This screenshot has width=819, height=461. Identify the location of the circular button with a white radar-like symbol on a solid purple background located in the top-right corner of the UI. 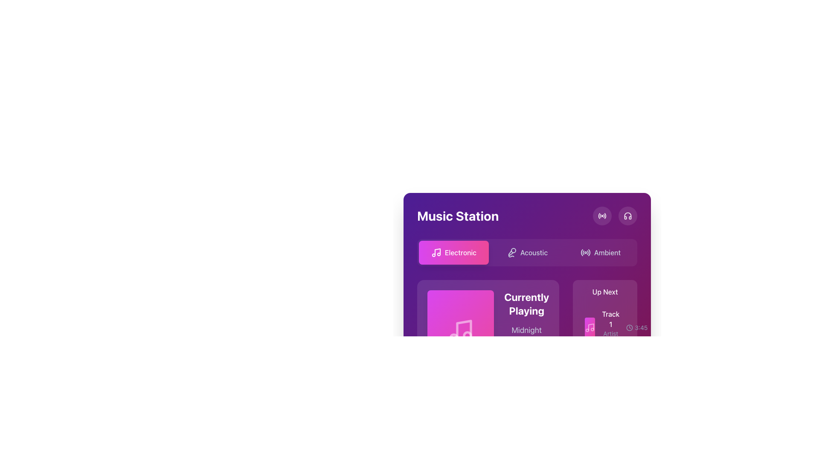
(601, 215).